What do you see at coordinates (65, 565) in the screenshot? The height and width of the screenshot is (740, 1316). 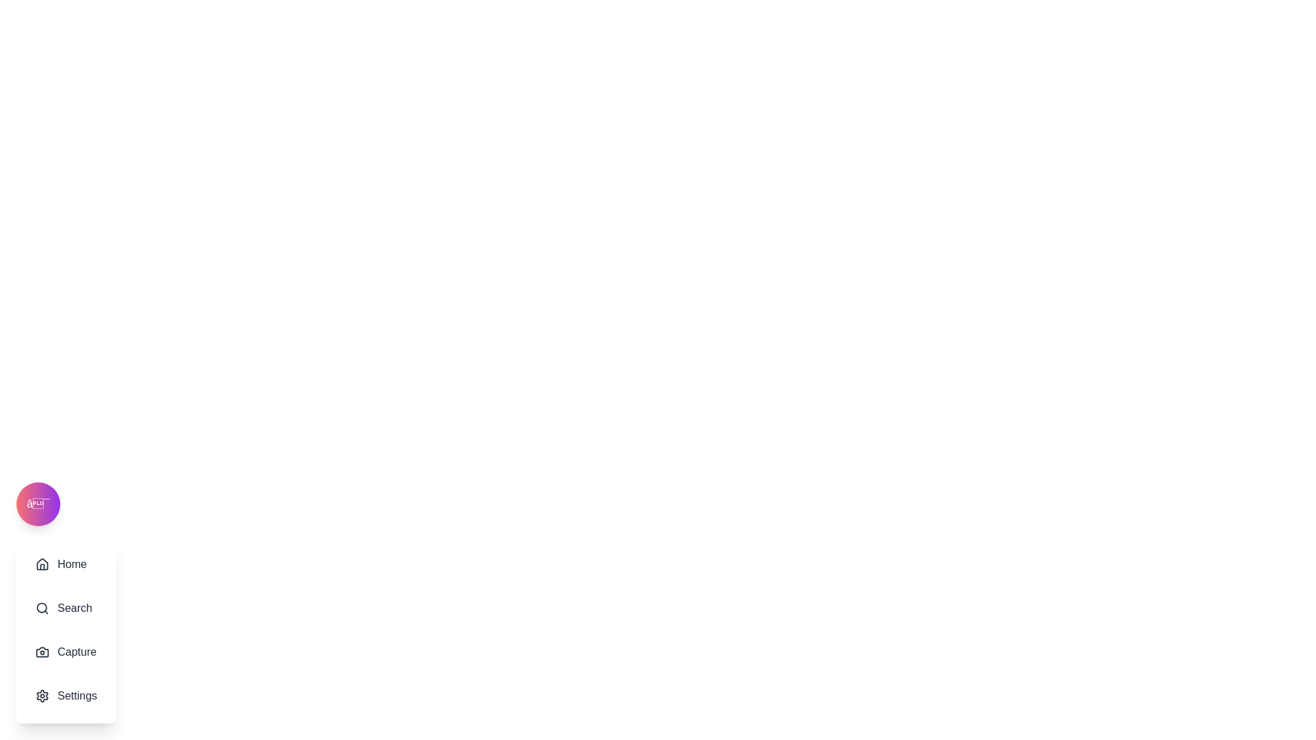 I see `the menu item Home to reveal its hover effect` at bounding box center [65, 565].